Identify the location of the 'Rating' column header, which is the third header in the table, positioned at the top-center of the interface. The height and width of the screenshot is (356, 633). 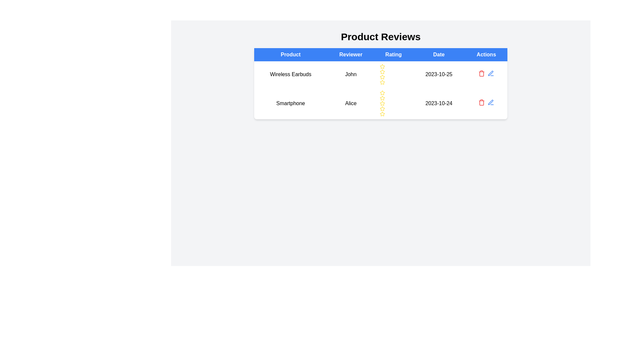
(393, 54).